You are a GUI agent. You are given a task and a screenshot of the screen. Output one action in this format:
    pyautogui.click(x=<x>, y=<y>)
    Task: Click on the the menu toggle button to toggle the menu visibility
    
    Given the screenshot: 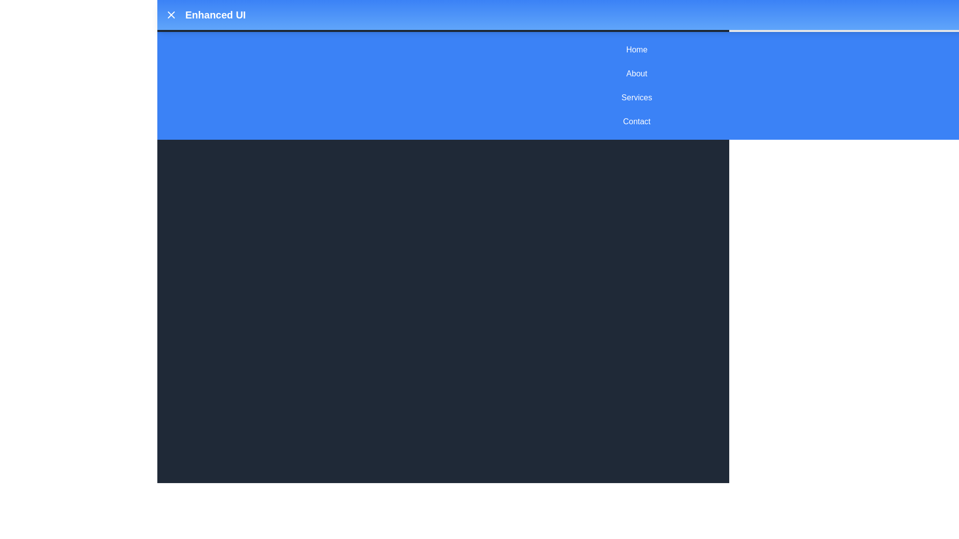 What is the action you would take?
    pyautogui.click(x=171, y=15)
    